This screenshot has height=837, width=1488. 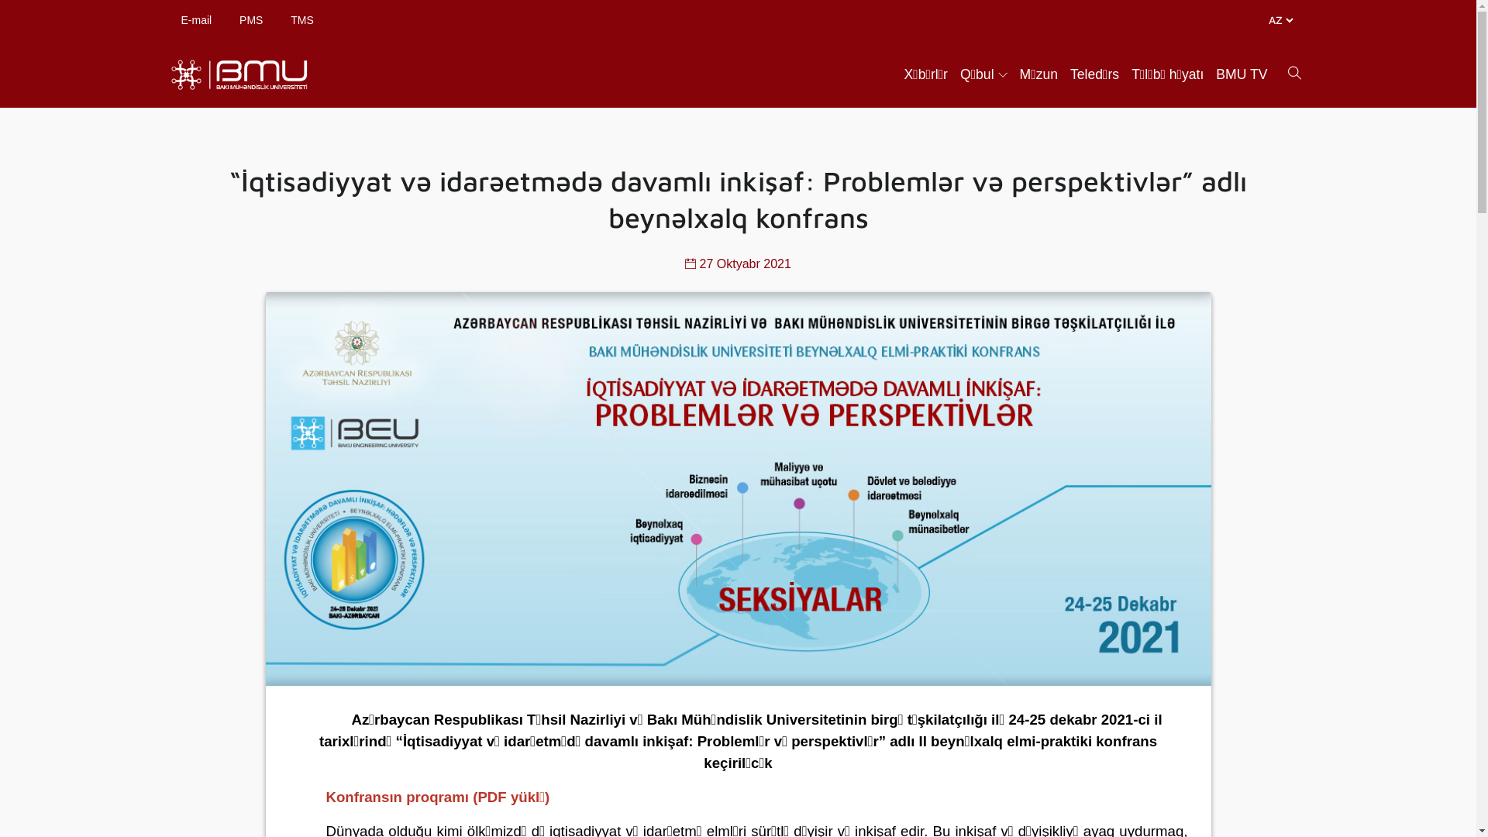 I want to click on 'BMU TV', so click(x=1242, y=74).